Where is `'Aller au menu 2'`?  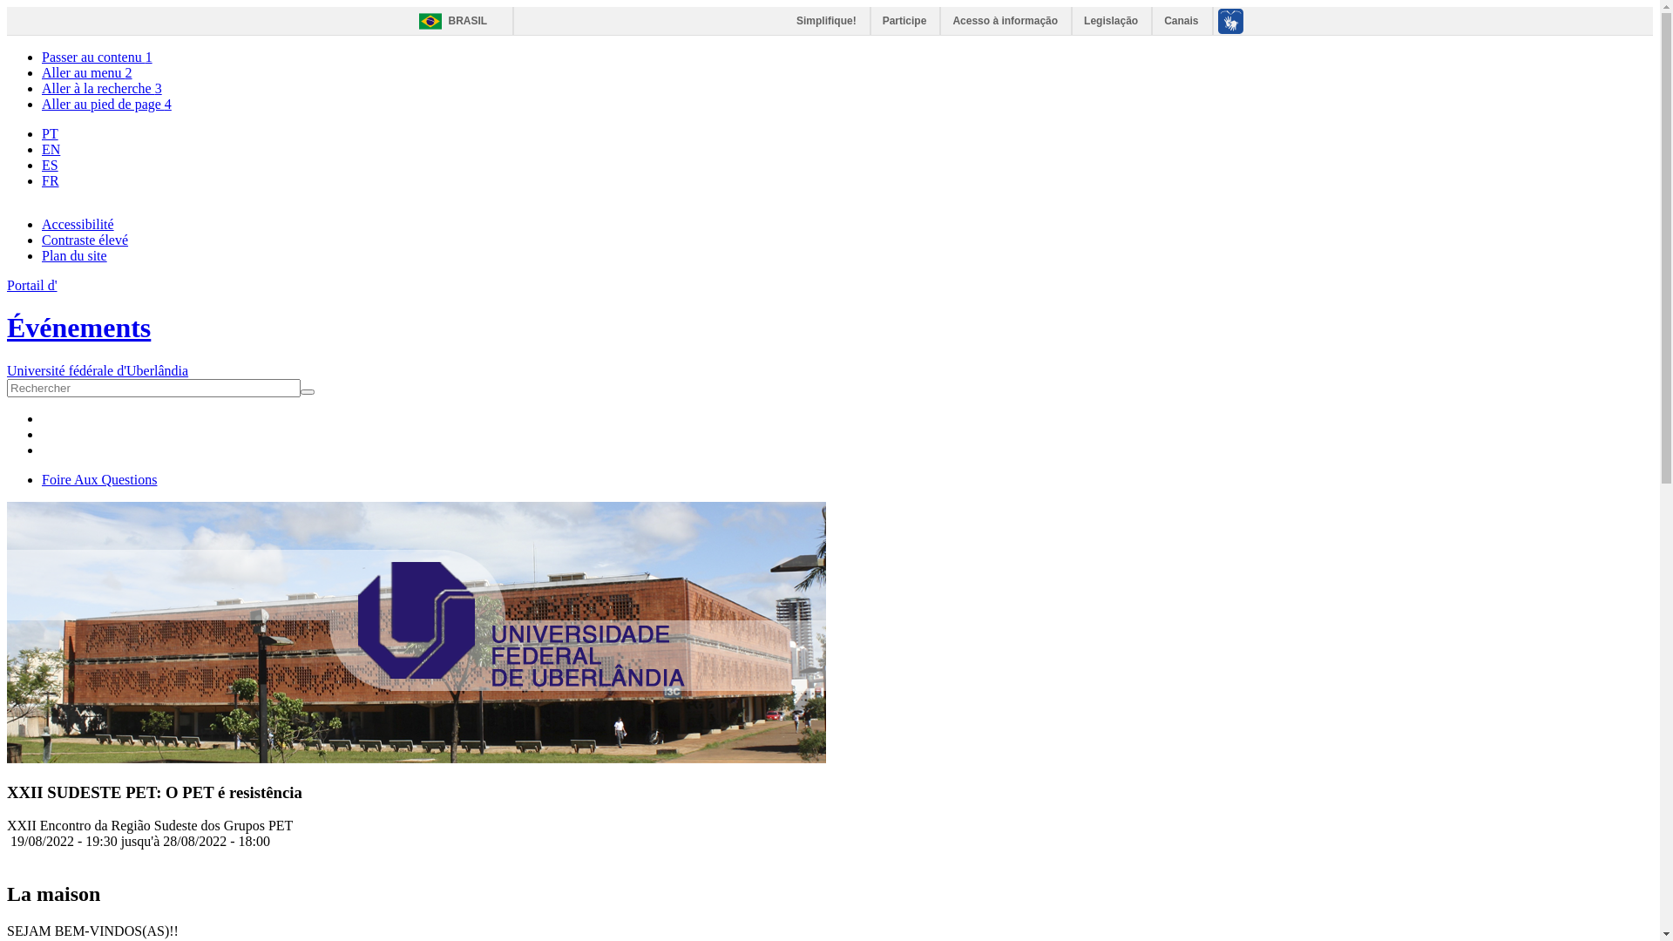 'Aller au menu 2' is located at coordinates (86, 71).